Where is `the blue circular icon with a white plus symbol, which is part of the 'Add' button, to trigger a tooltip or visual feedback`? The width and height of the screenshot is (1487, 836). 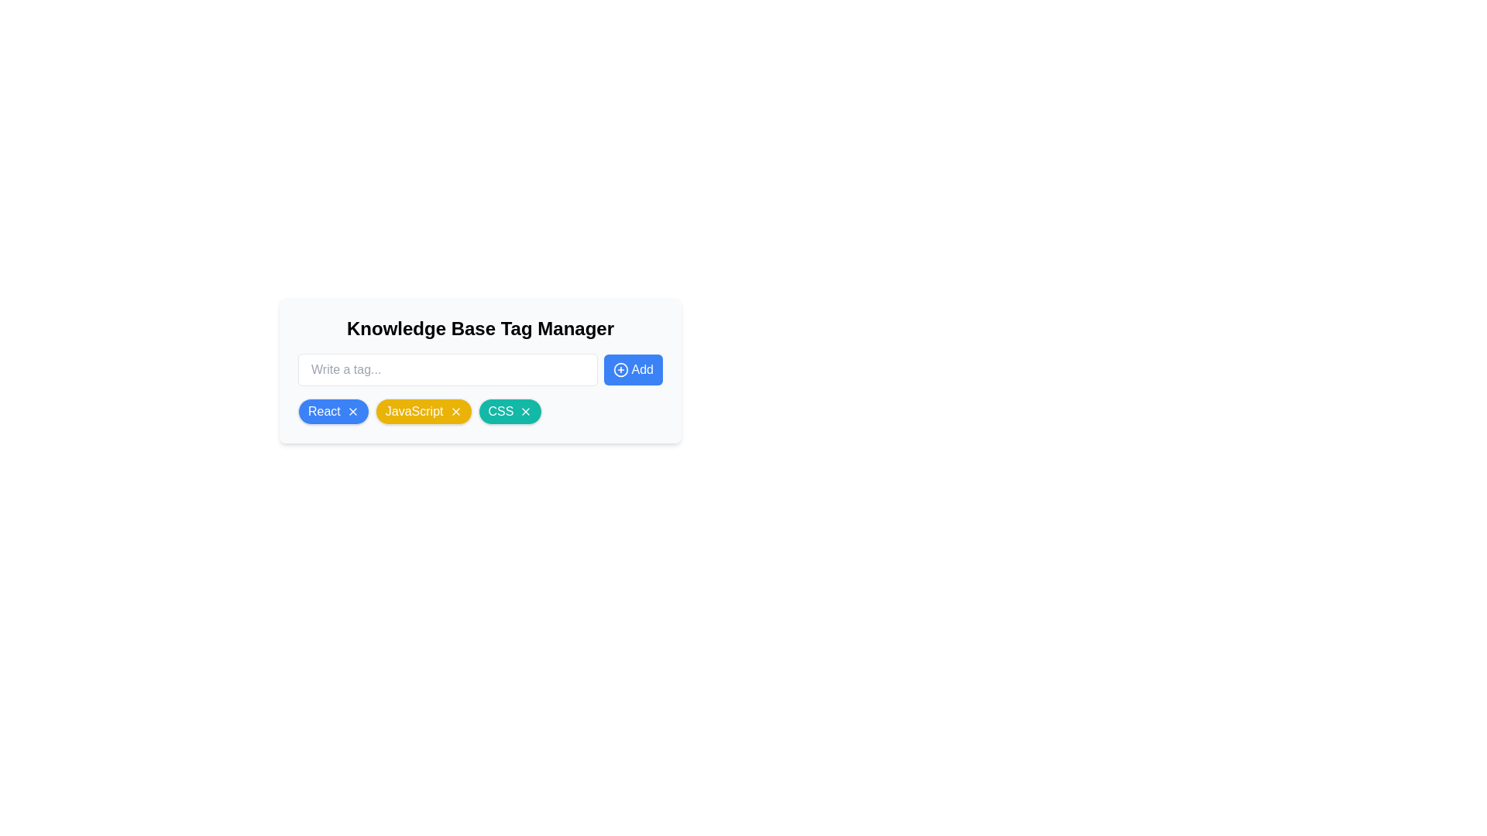
the blue circular icon with a white plus symbol, which is part of the 'Add' button, to trigger a tooltip or visual feedback is located at coordinates (620, 370).